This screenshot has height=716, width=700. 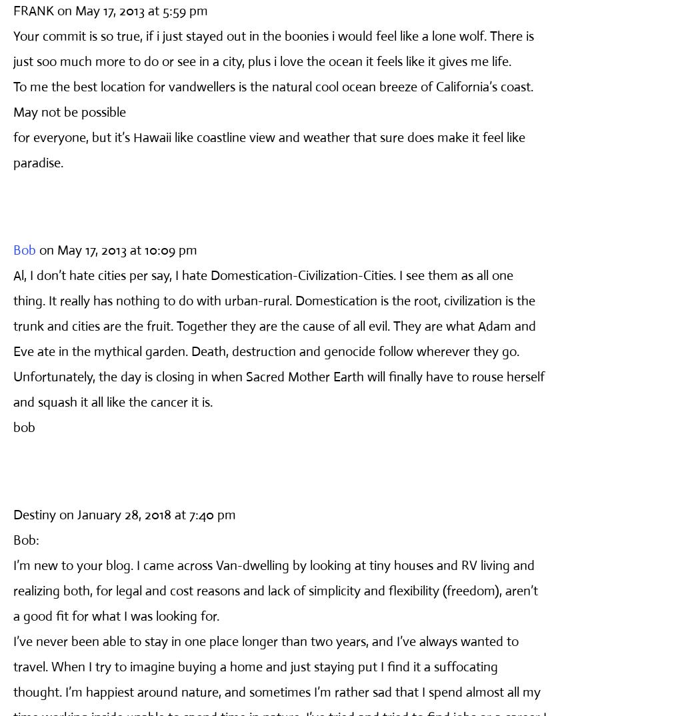 What do you see at coordinates (13, 9) in the screenshot?
I see `'FRANK'` at bounding box center [13, 9].